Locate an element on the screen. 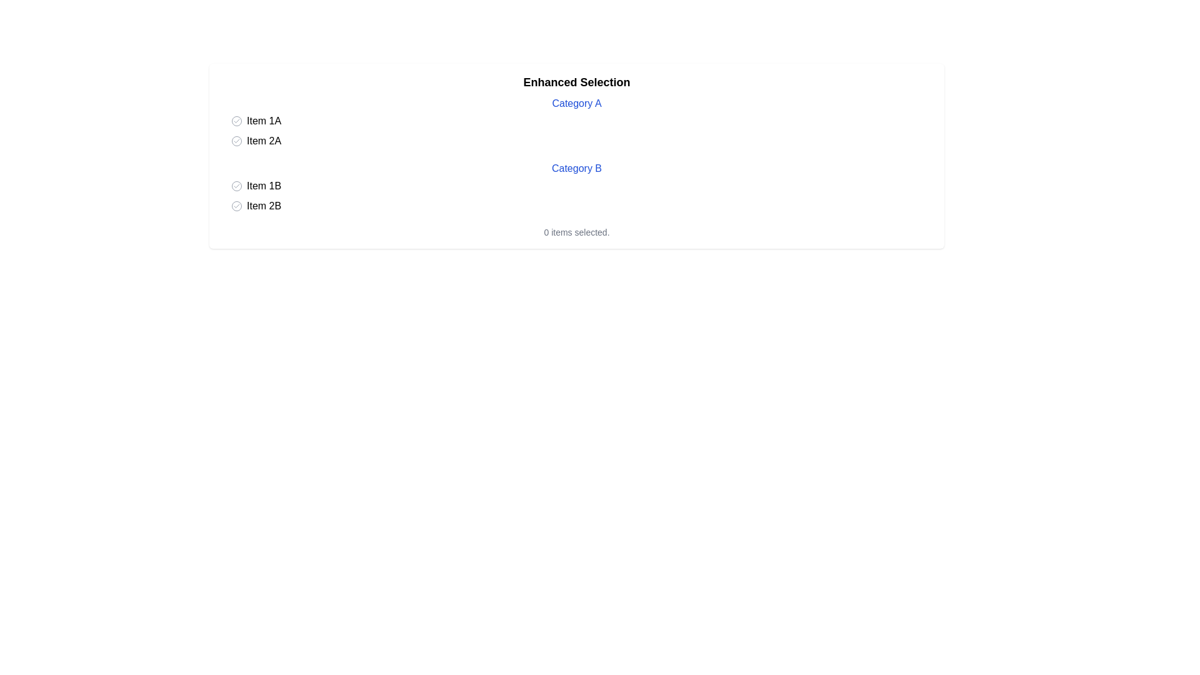  the 'Item 2A' text label is located at coordinates (263, 141).